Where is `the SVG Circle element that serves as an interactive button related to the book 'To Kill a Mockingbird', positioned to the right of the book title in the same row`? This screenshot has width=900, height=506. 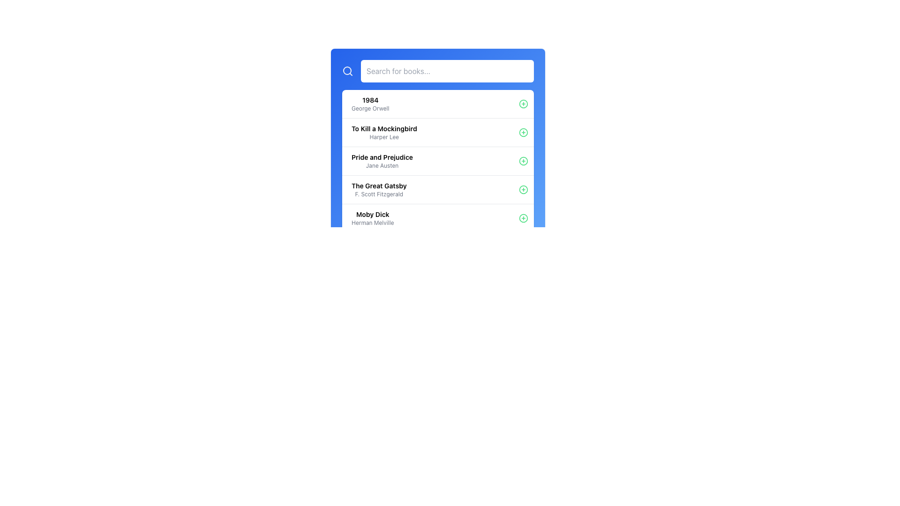 the SVG Circle element that serves as an interactive button related to the book 'To Kill a Mockingbird', positioned to the right of the book title in the same row is located at coordinates (523, 132).